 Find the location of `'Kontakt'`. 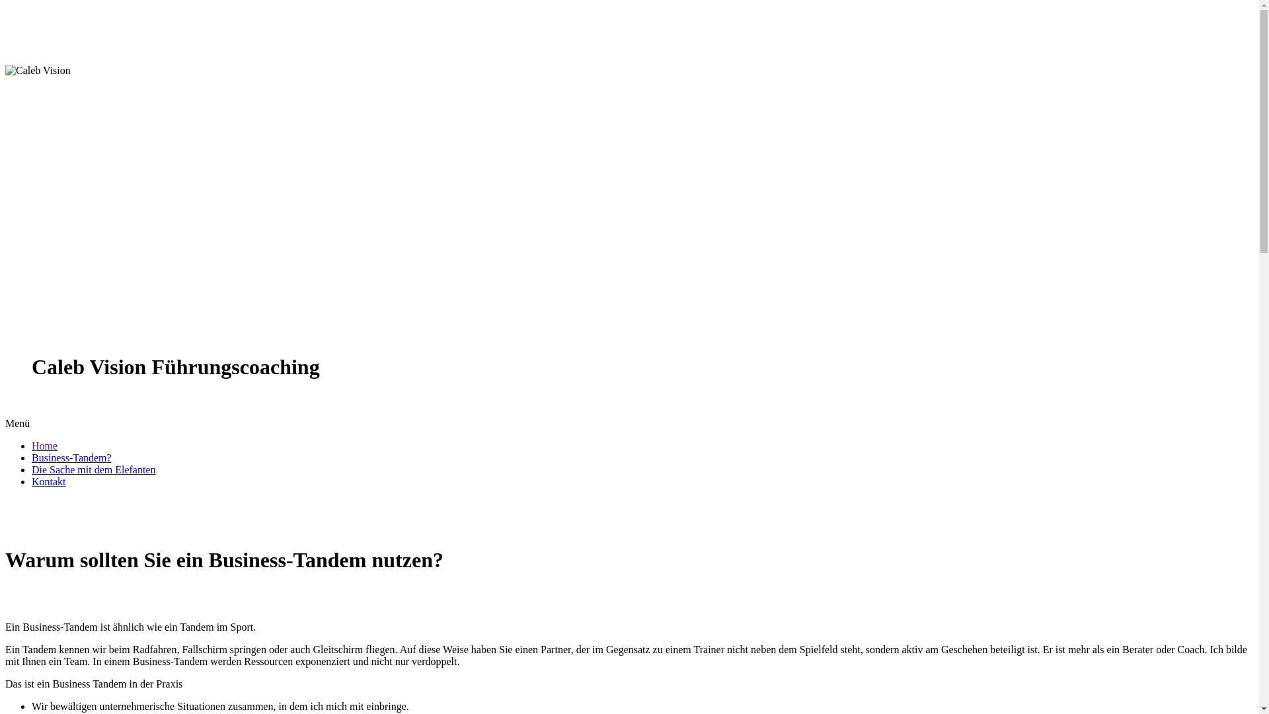

'Kontakt' is located at coordinates (48, 481).